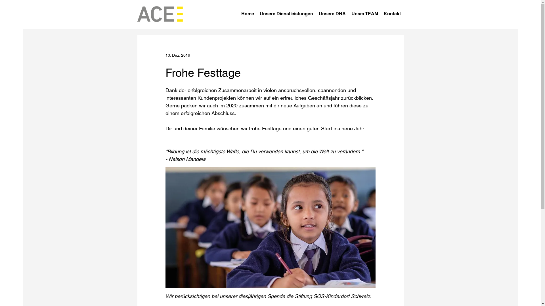 The width and height of the screenshot is (545, 306). I want to click on 'Kontakt', so click(392, 14).